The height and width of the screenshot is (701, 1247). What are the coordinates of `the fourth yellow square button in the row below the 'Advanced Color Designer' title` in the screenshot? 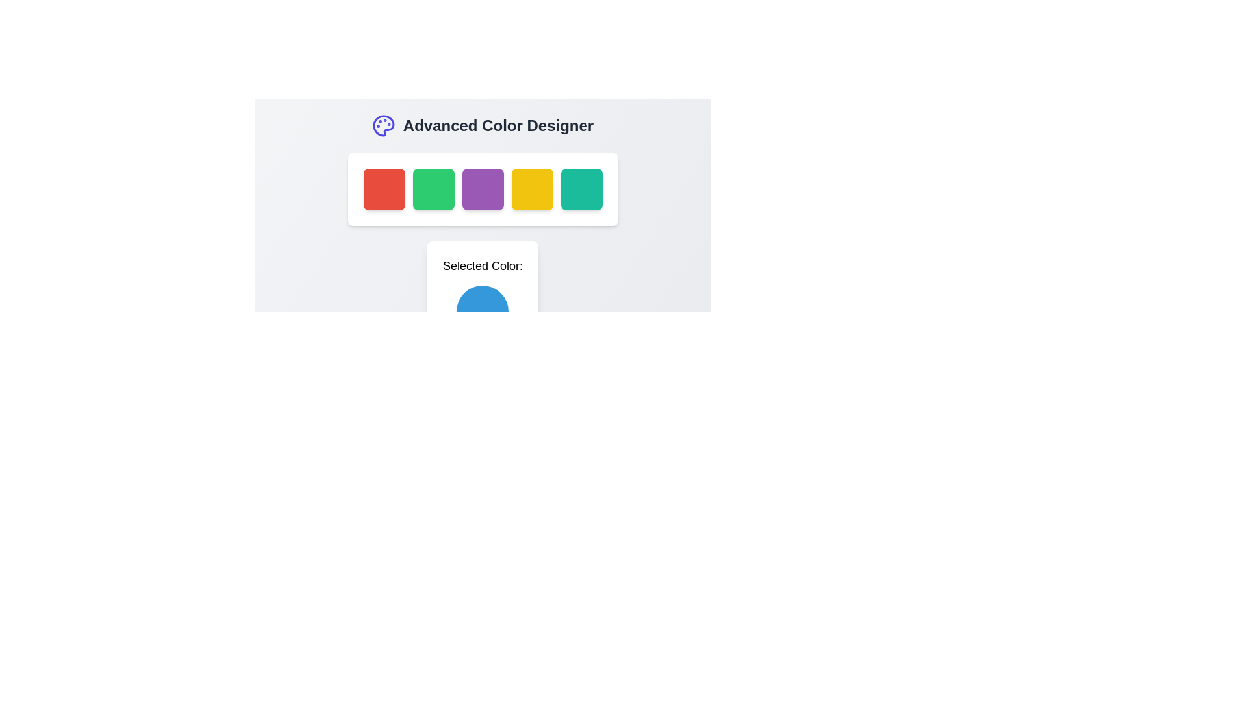 It's located at (532, 190).